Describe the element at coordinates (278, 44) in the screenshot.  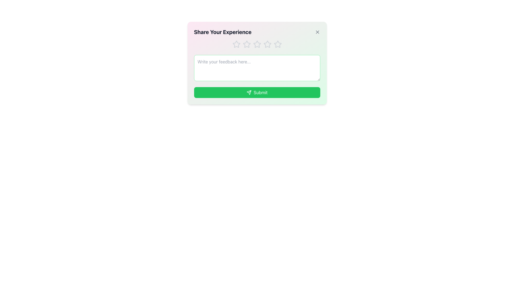
I see `the fifth star icon in the rating system on the 'Share Your Experience' card` at that location.